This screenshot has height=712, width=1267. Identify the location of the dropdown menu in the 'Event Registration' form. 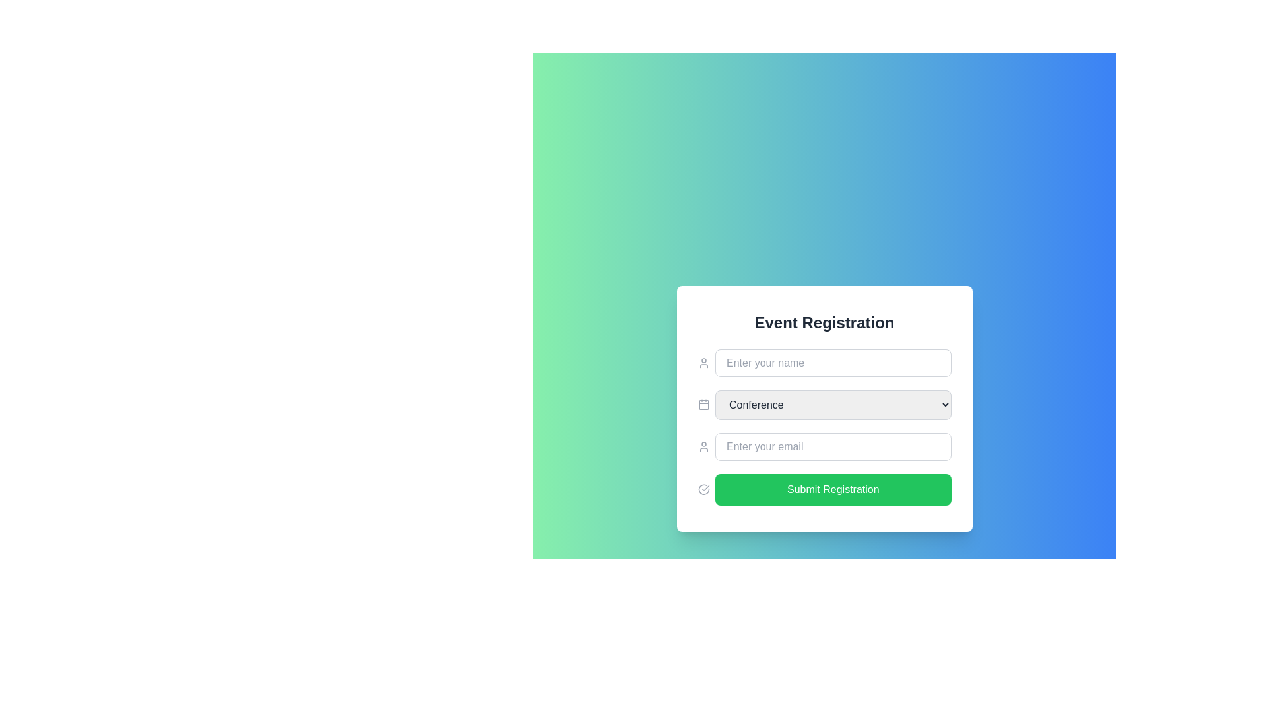
(824, 408).